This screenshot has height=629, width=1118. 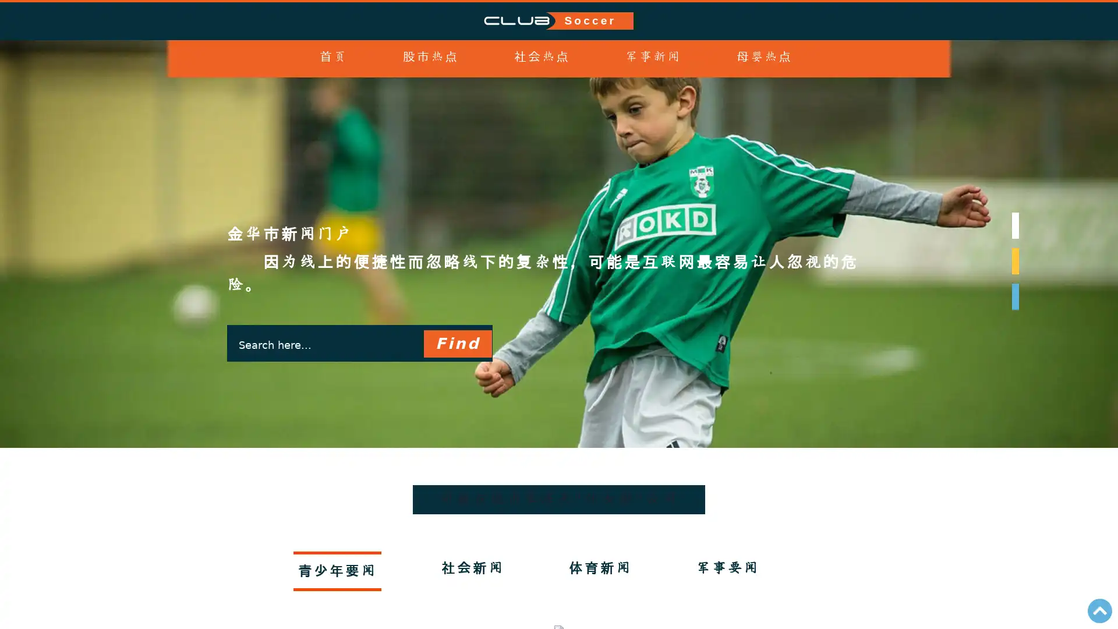 What do you see at coordinates (457, 342) in the screenshot?
I see `Find` at bounding box center [457, 342].